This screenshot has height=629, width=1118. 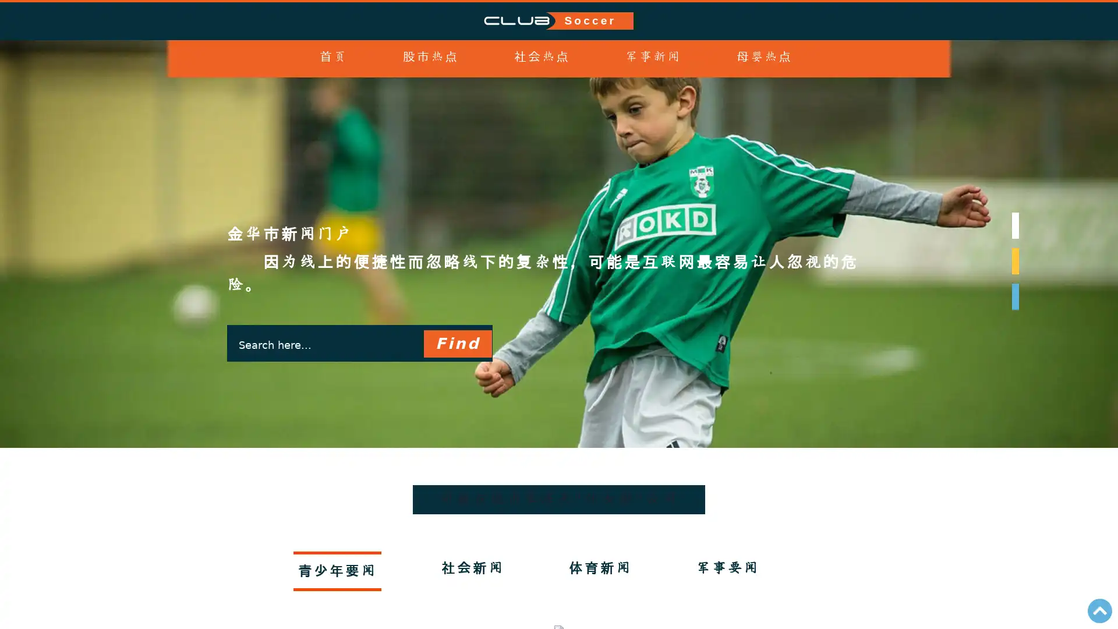 What do you see at coordinates (457, 342) in the screenshot?
I see `Find` at bounding box center [457, 342].